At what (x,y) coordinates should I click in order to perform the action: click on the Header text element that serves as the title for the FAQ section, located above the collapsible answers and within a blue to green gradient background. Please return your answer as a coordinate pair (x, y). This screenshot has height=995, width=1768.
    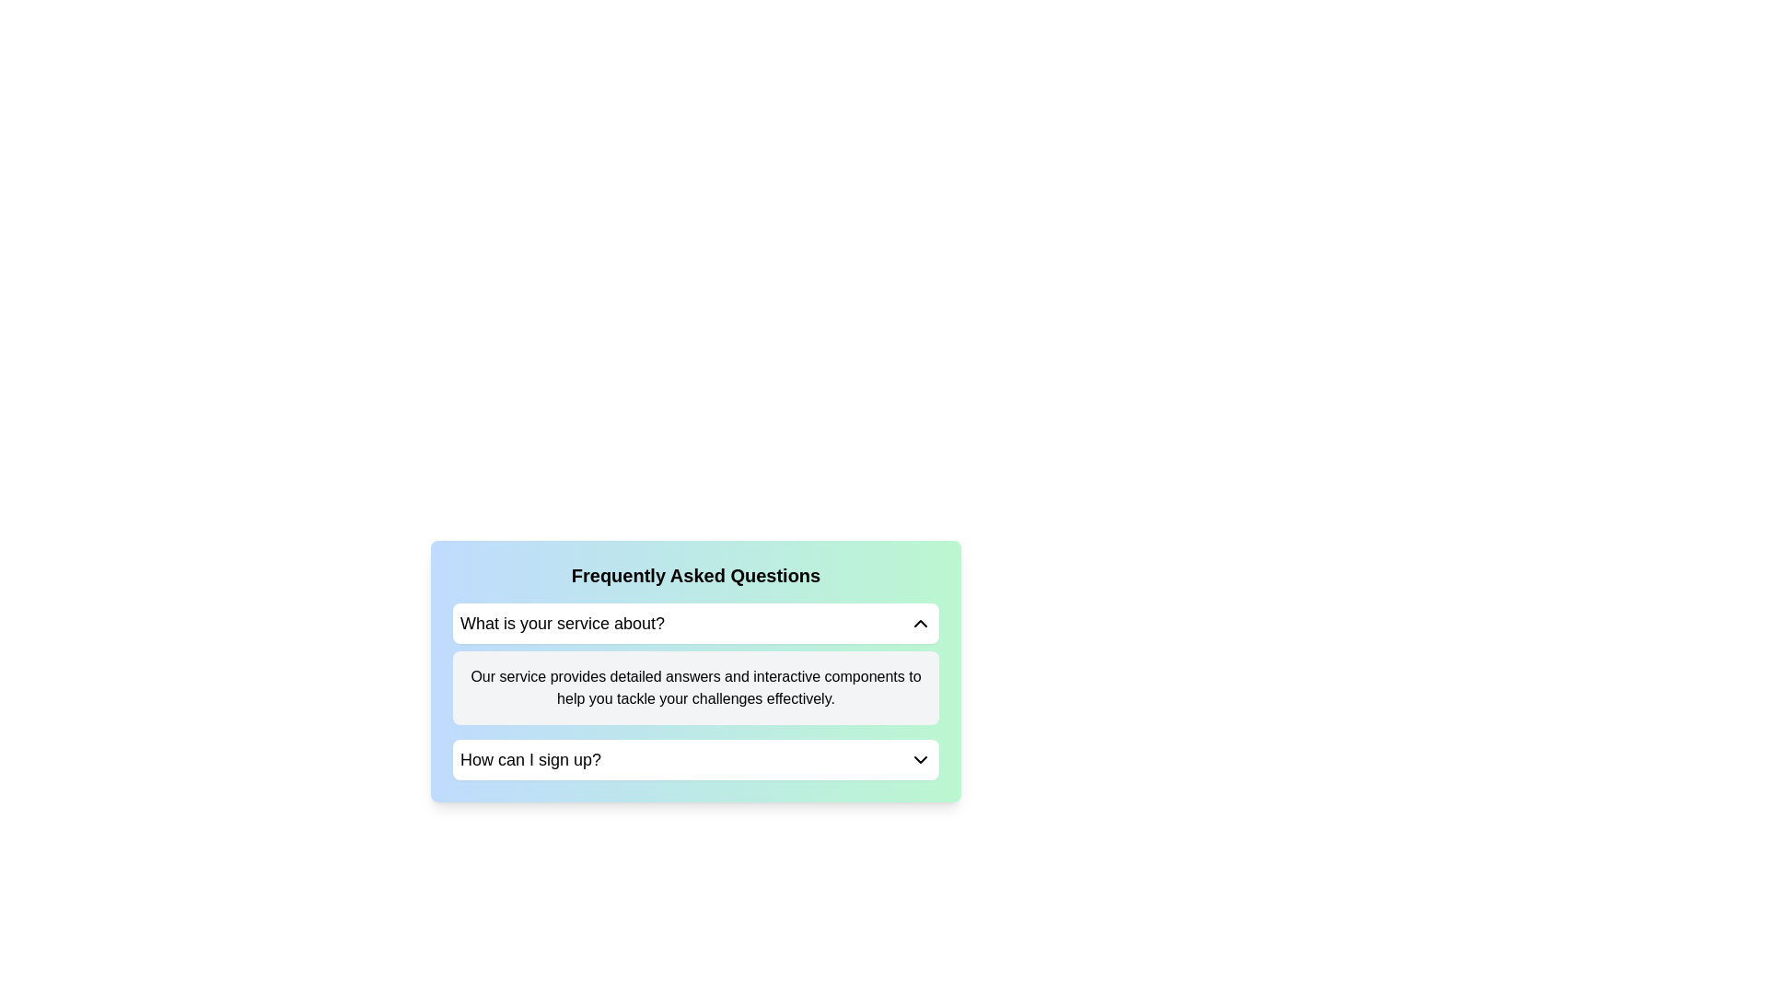
    Looking at the image, I should click on (694, 574).